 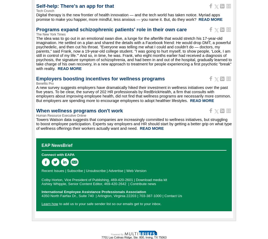 I want to click on 'Ashley Whipple, Senior Content Editor, 469-420-2642', so click(x=84, y=183).